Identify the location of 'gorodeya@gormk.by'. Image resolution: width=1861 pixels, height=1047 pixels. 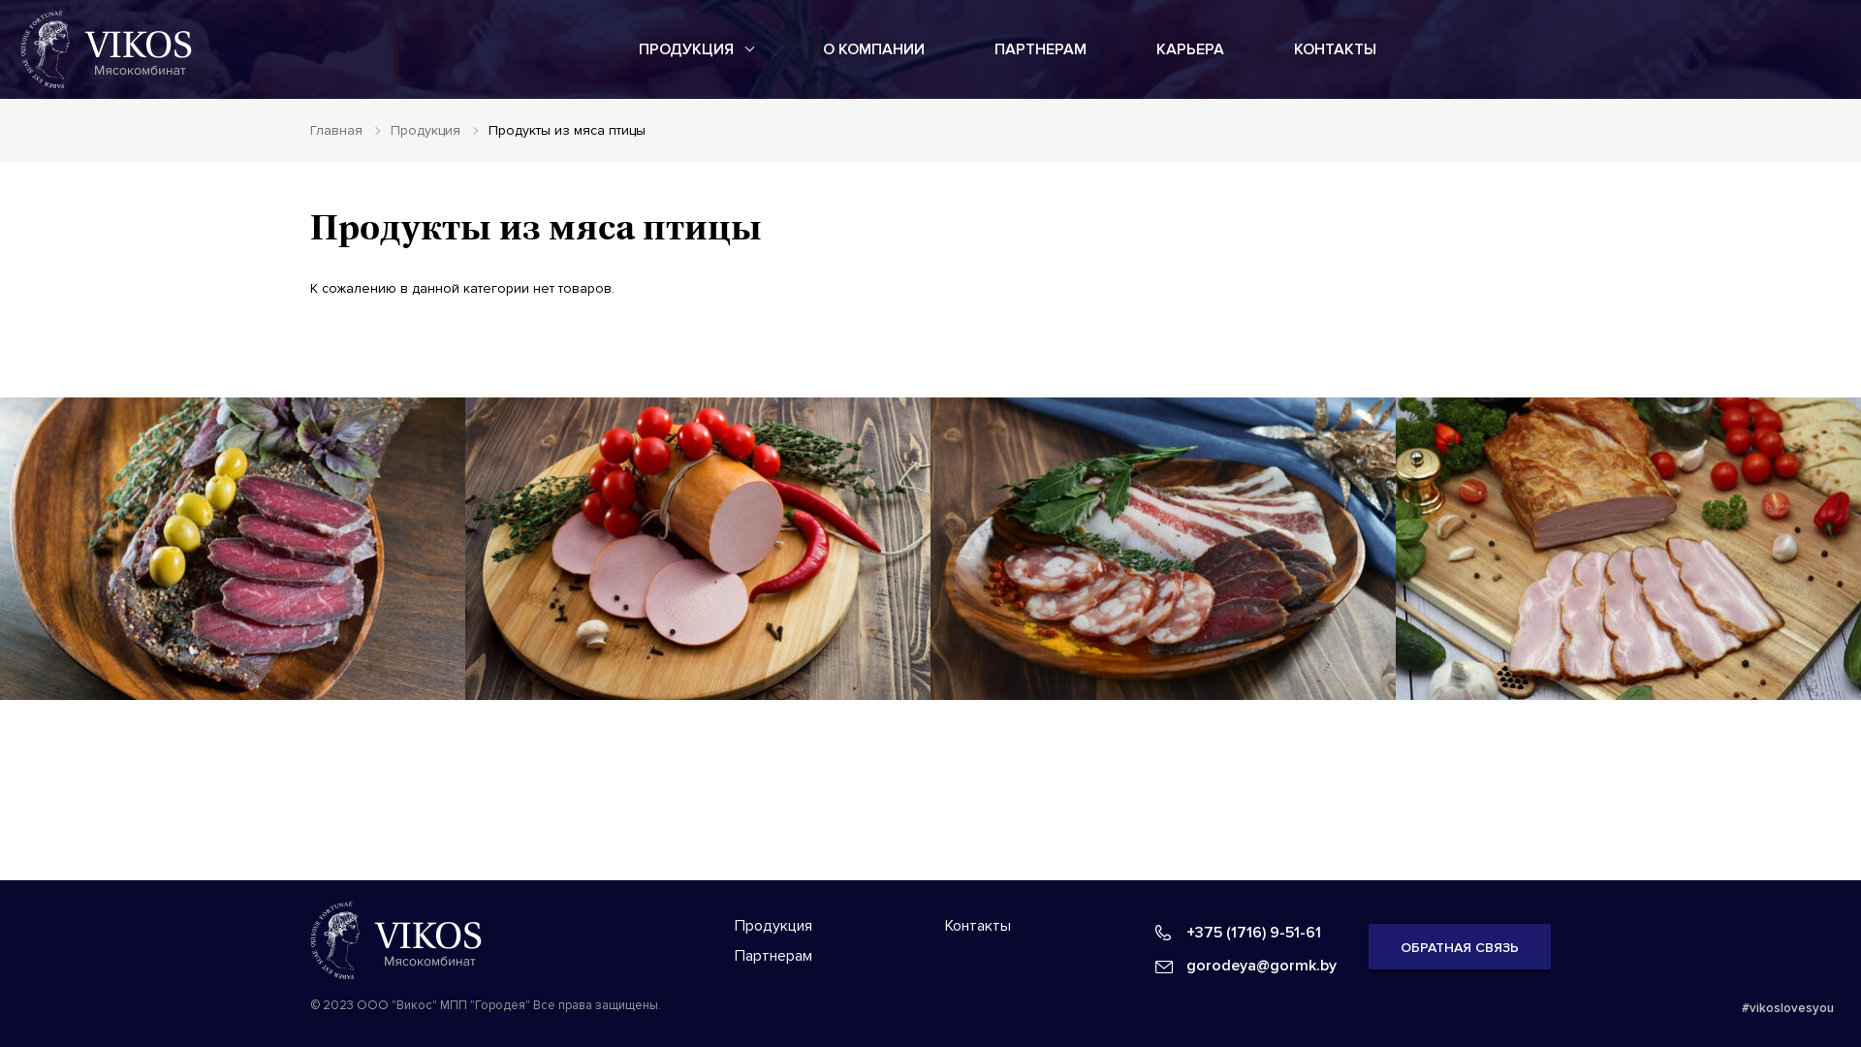
(1246, 965).